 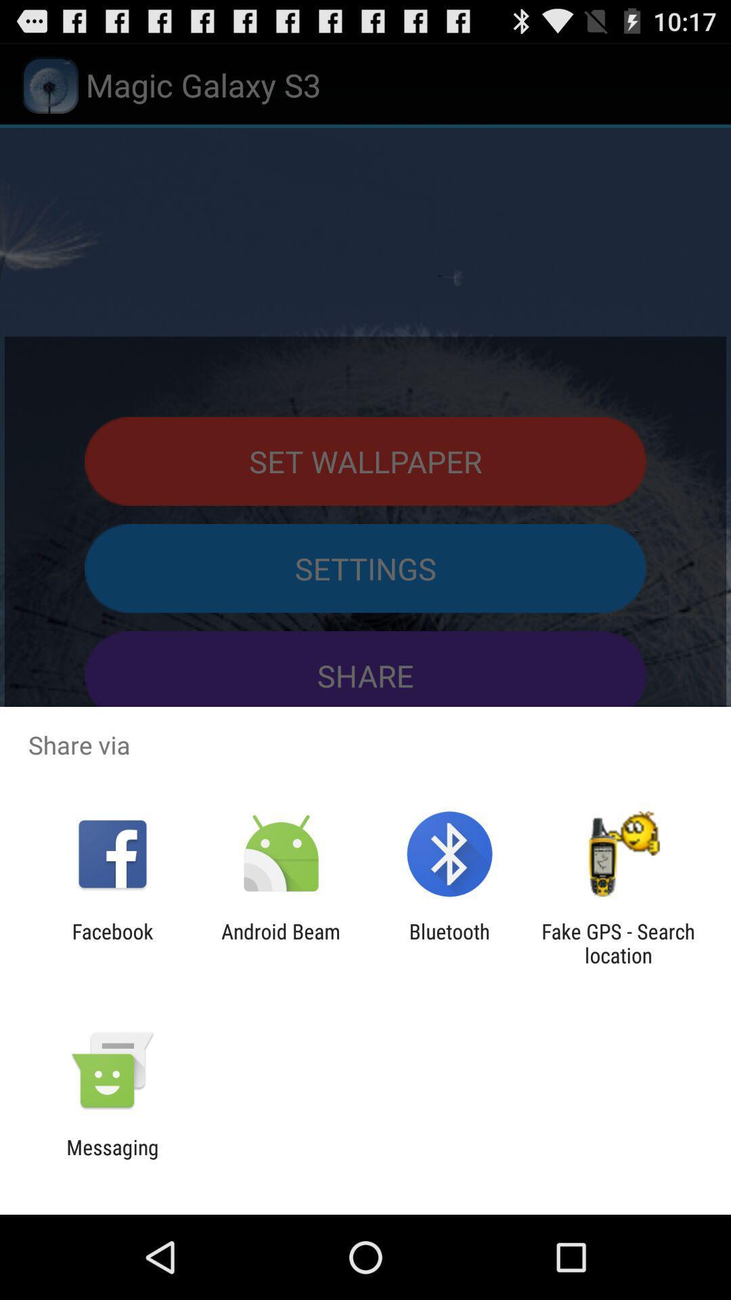 What do you see at coordinates (280, 942) in the screenshot?
I see `the icon to the left of bluetooth` at bounding box center [280, 942].